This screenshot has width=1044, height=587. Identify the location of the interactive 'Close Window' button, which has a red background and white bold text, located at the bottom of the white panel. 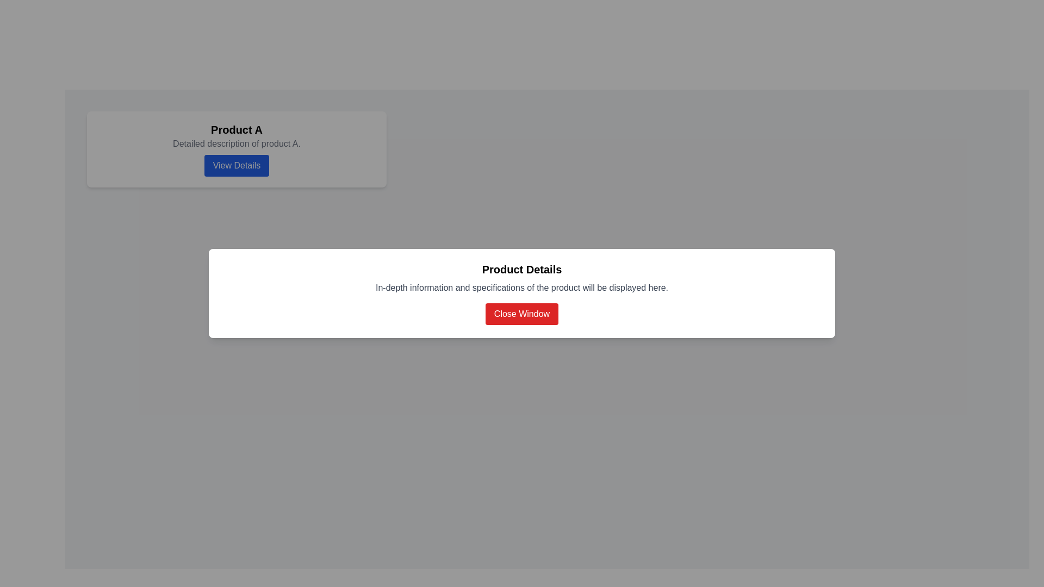
(522, 314).